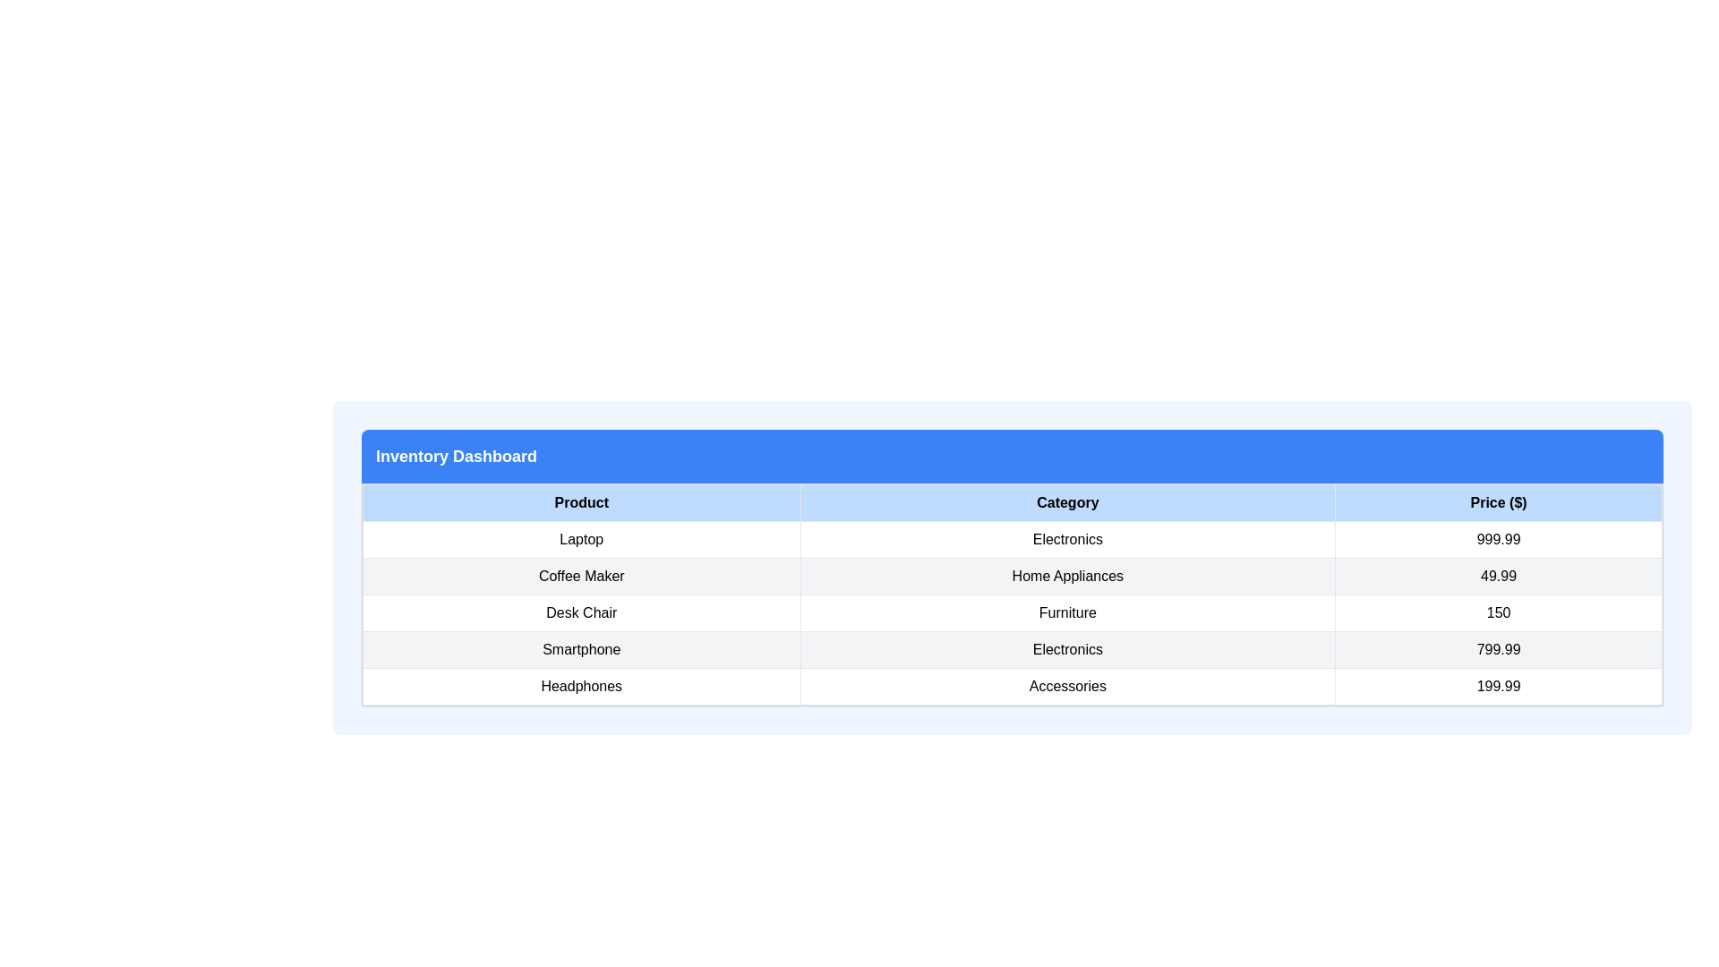 The image size is (1719, 967). Describe the element at coordinates (581, 612) in the screenshot. I see `the 'Desk Chair' text label, which is displayed in a bold font under the 'Product' column in the third row of a table` at that location.